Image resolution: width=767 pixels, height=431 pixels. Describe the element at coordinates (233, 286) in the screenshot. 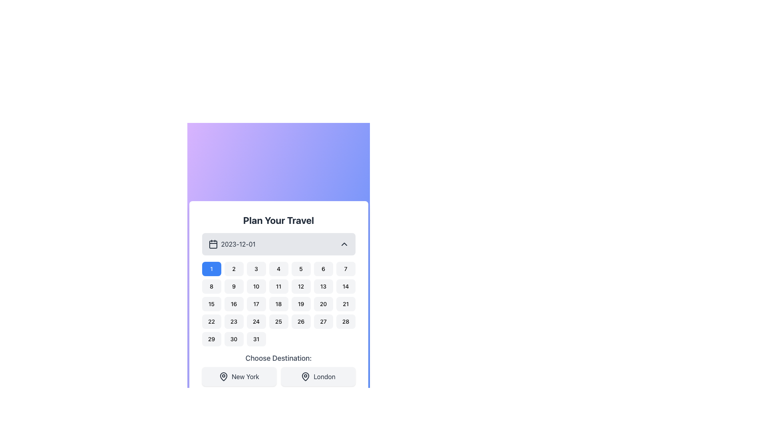

I see `the button with the number '9' in black text, located in the second row and second column of the grid below the 'Plan Your Travel' header` at that location.